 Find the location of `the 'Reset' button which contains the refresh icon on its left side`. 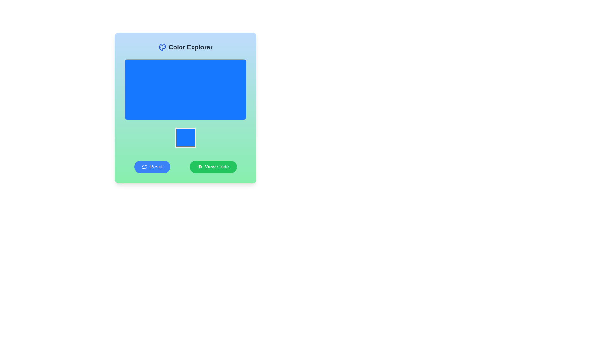

the 'Reset' button which contains the refresh icon on its left side is located at coordinates (144, 167).